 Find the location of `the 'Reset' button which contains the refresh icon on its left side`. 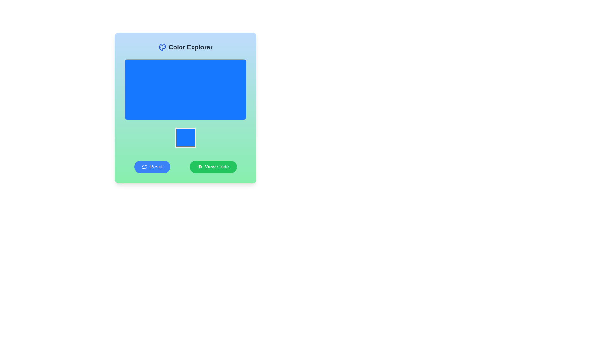

the 'Reset' button which contains the refresh icon on its left side is located at coordinates (144, 167).